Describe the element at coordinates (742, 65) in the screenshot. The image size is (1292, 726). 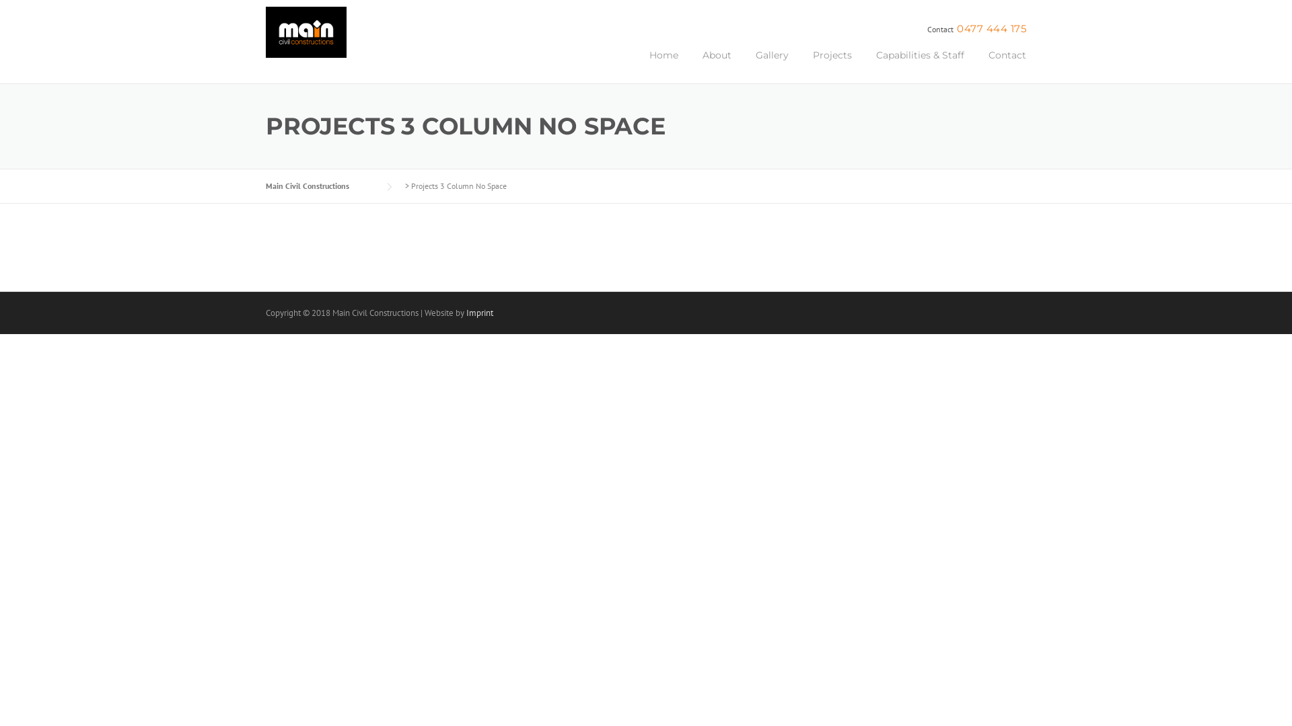
I see `'Gallery'` at that location.